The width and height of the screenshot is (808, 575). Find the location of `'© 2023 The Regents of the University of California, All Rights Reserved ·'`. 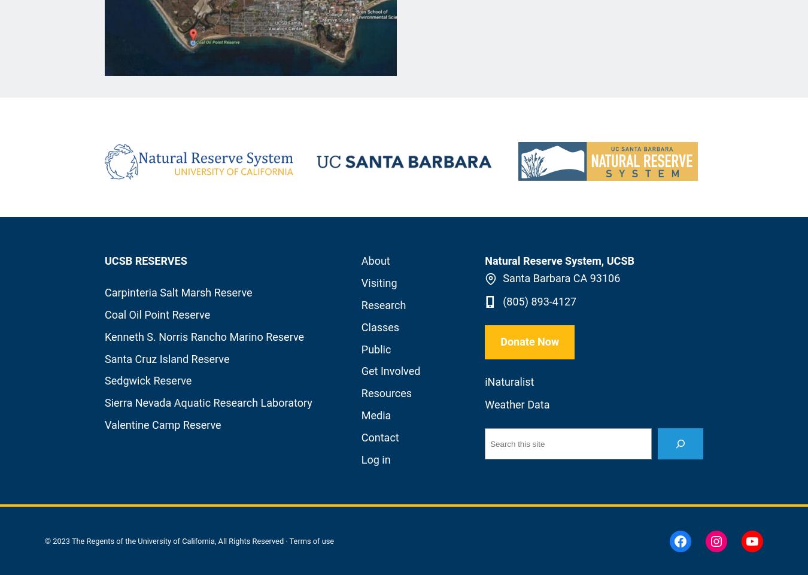

'© 2023 The Regents of the University of California, All Rights Reserved ·' is located at coordinates (166, 541).